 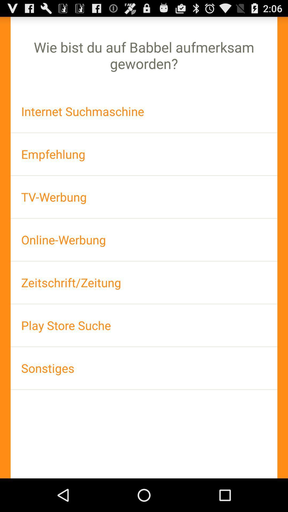 What do you see at coordinates (144, 154) in the screenshot?
I see `the item below internet suchmaschine` at bounding box center [144, 154].